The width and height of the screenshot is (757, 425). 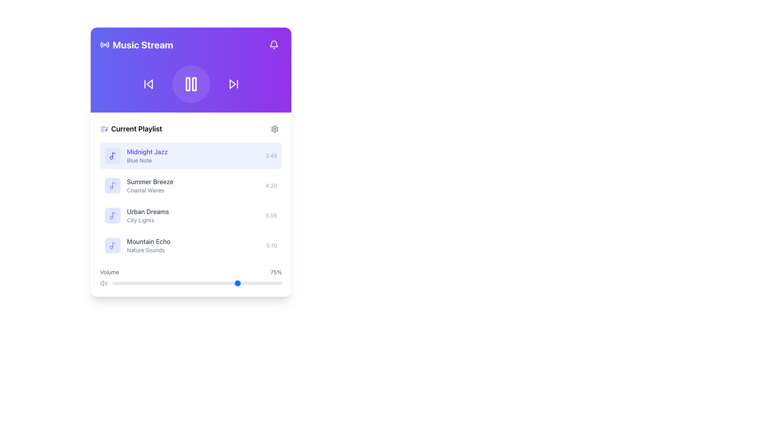 What do you see at coordinates (118, 283) in the screenshot?
I see `the volume slider` at bounding box center [118, 283].